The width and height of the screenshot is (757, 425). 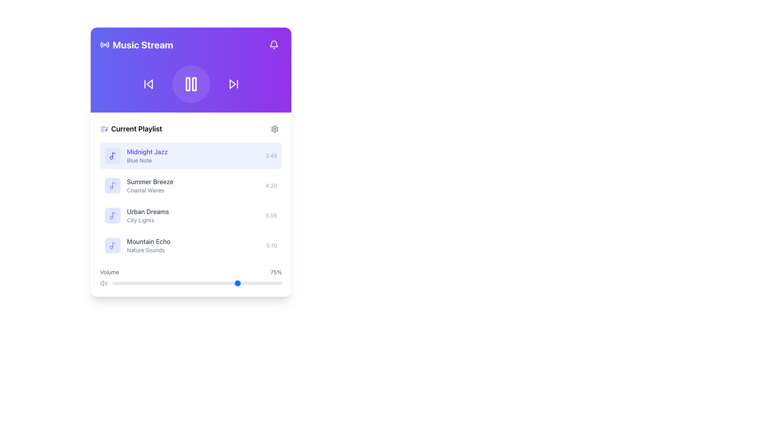 What do you see at coordinates (118, 283) in the screenshot?
I see `the volume slider` at bounding box center [118, 283].